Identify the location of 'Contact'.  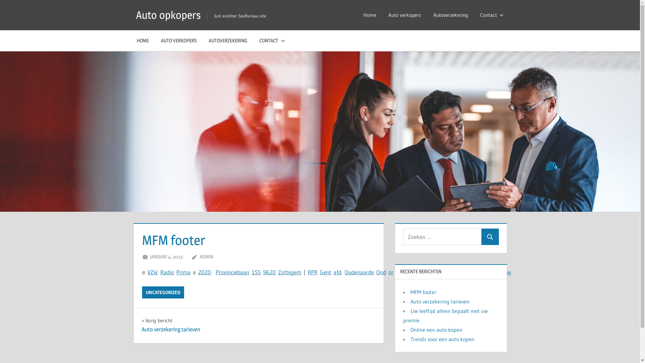
(473, 15).